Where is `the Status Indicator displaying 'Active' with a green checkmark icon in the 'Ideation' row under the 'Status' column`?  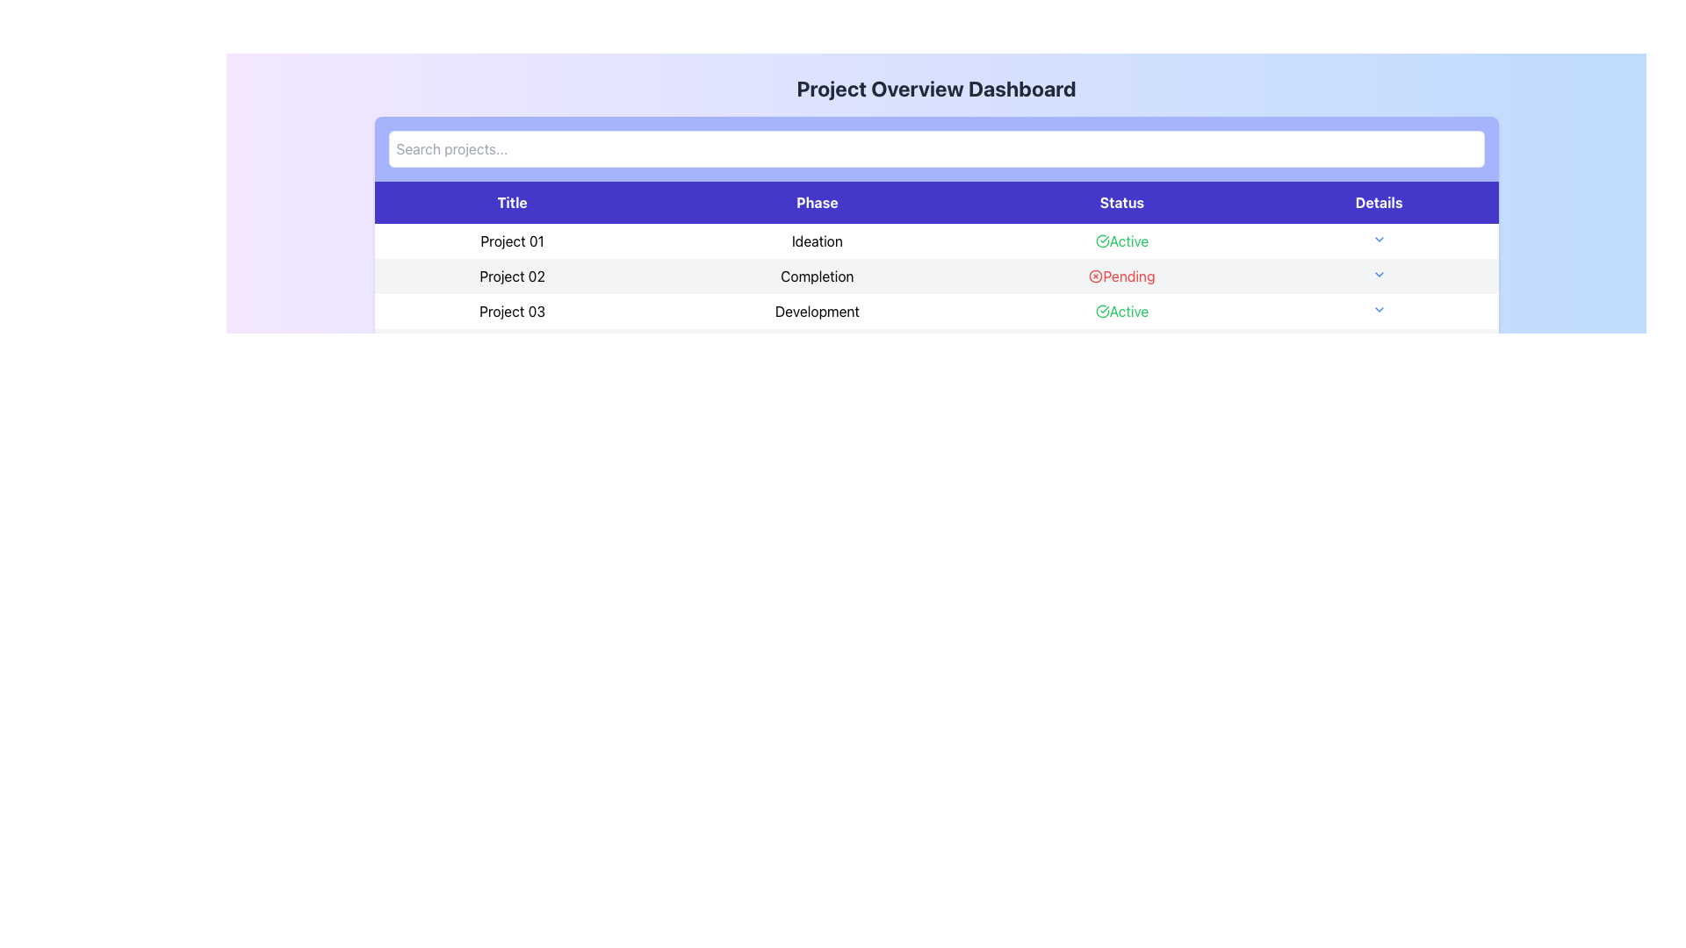 the Status Indicator displaying 'Active' with a green checkmark icon in the 'Ideation' row under the 'Status' column is located at coordinates (1120, 241).